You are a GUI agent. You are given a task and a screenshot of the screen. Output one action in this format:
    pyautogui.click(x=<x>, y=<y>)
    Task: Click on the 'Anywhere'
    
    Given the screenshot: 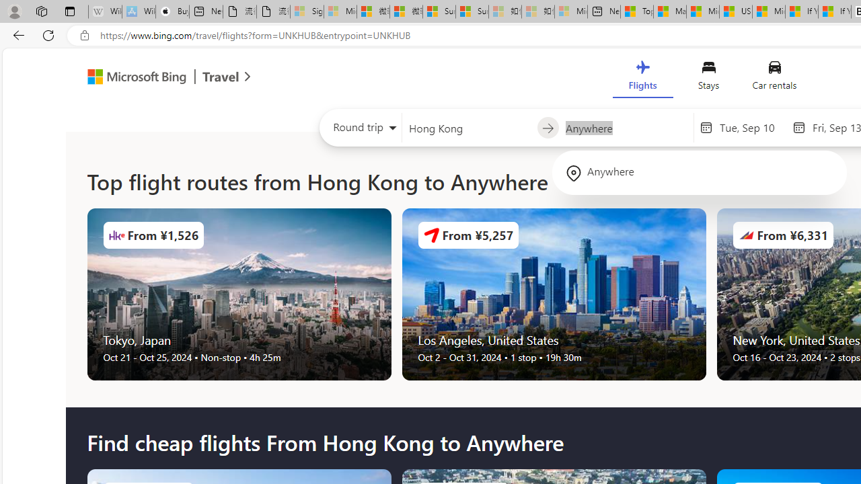 What is the action you would take?
    pyautogui.click(x=700, y=172)
    